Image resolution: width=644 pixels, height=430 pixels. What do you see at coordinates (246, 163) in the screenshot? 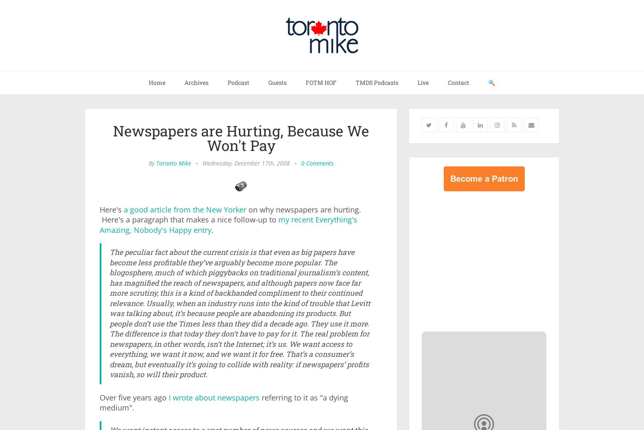
I see `'Wednesday, December 17th, 2008'` at bounding box center [246, 163].